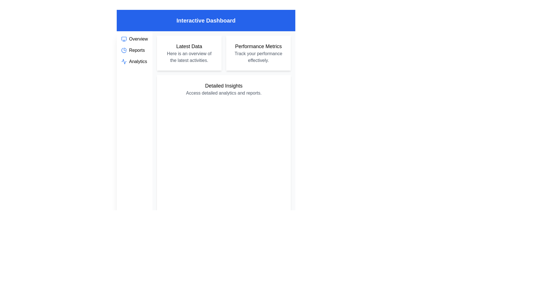  What do you see at coordinates (138, 62) in the screenshot?
I see `the 'Analytics' text label in the left sidebar menu` at bounding box center [138, 62].